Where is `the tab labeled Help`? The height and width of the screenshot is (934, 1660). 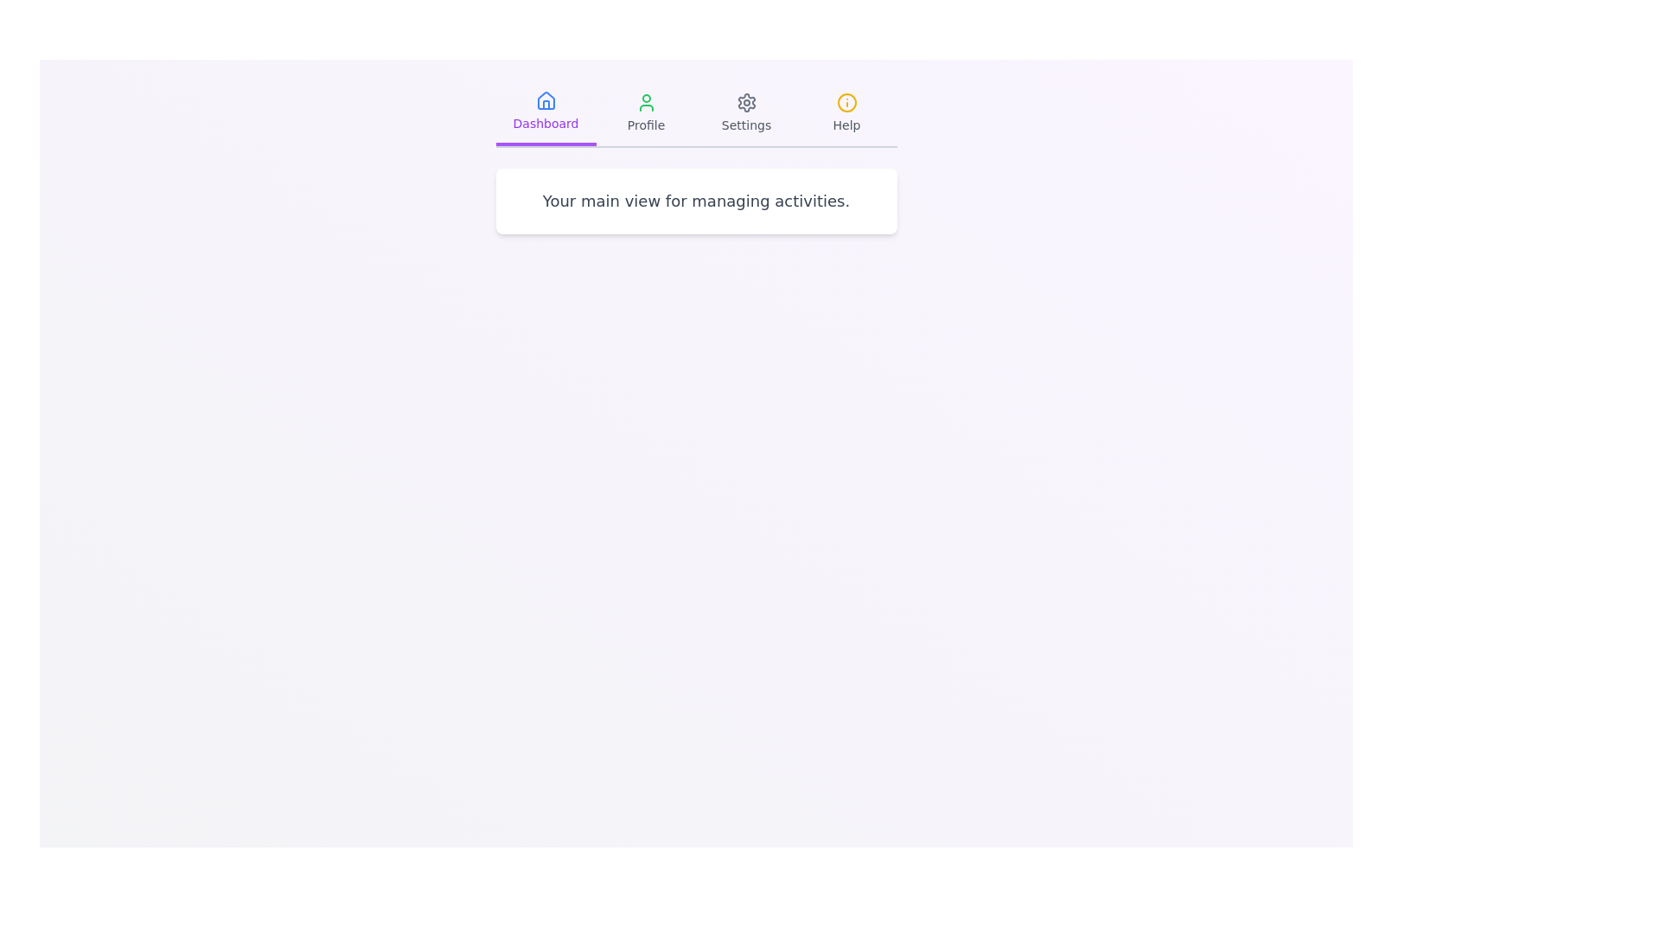 the tab labeled Help is located at coordinates (846, 113).